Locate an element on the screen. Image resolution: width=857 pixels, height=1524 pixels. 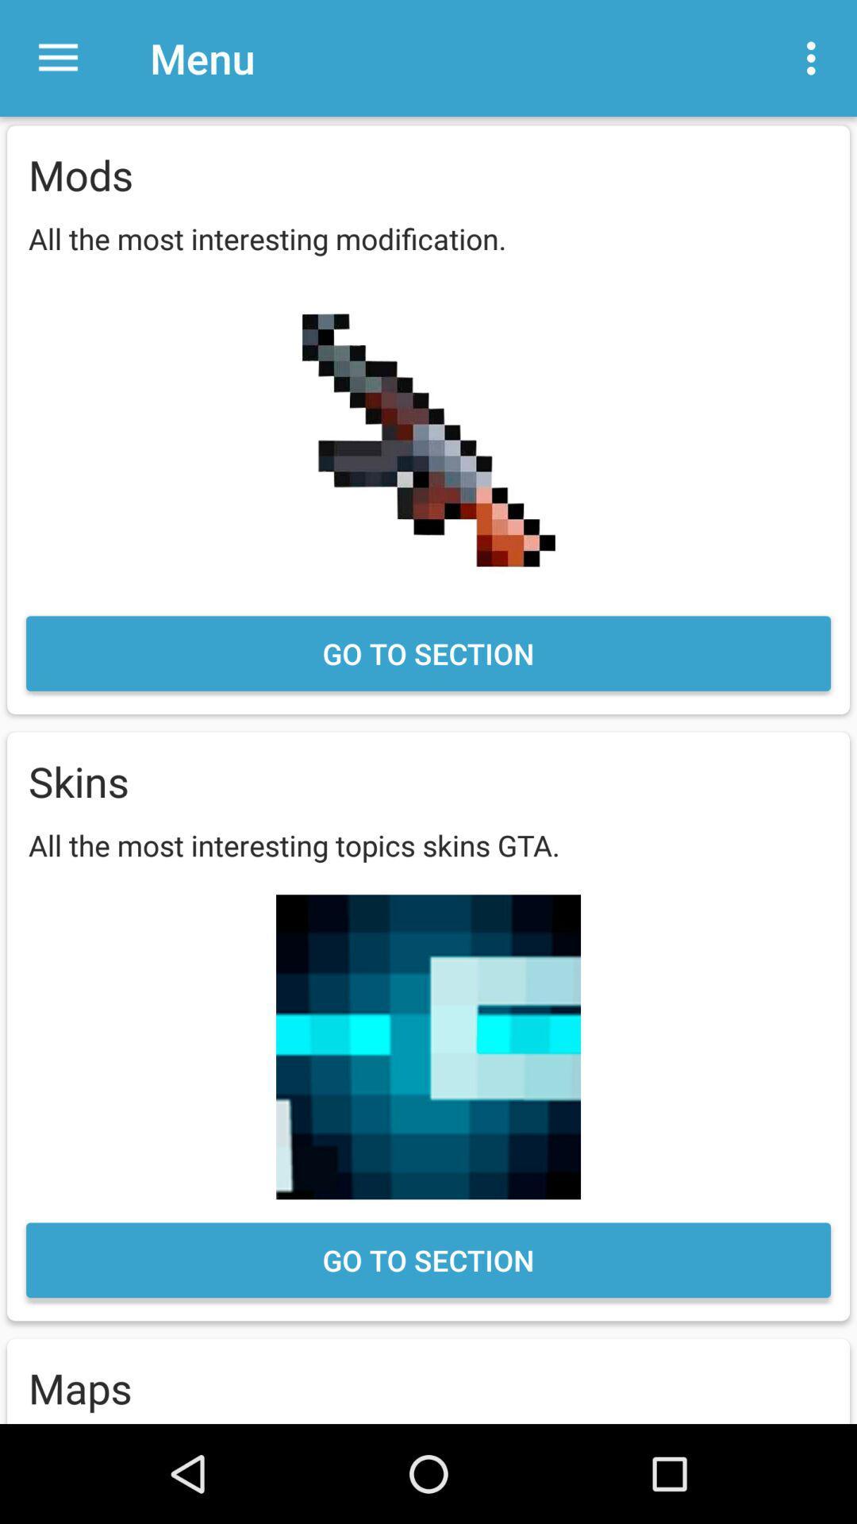
item to the left of the menu item is located at coordinates (57, 58).